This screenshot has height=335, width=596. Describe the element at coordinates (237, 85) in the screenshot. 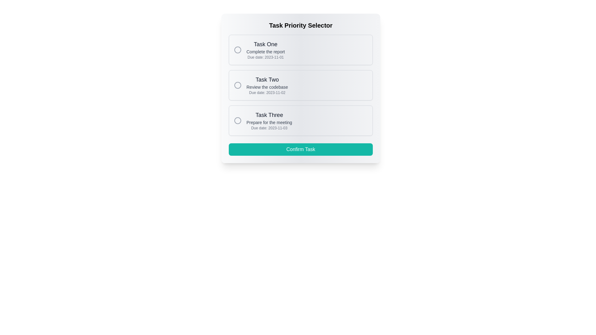

I see `the circular radio button with a gray border and hollow center located in the 'Task Two' card` at that location.